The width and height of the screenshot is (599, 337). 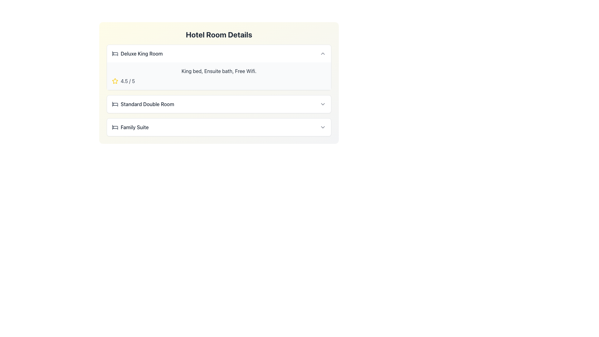 I want to click on the Text Label with Icon that displays the name of the second room category, located below 'Deluxe King Room' and above 'Family Suite' in the 'Hotel Room Details' section, so click(x=143, y=104).